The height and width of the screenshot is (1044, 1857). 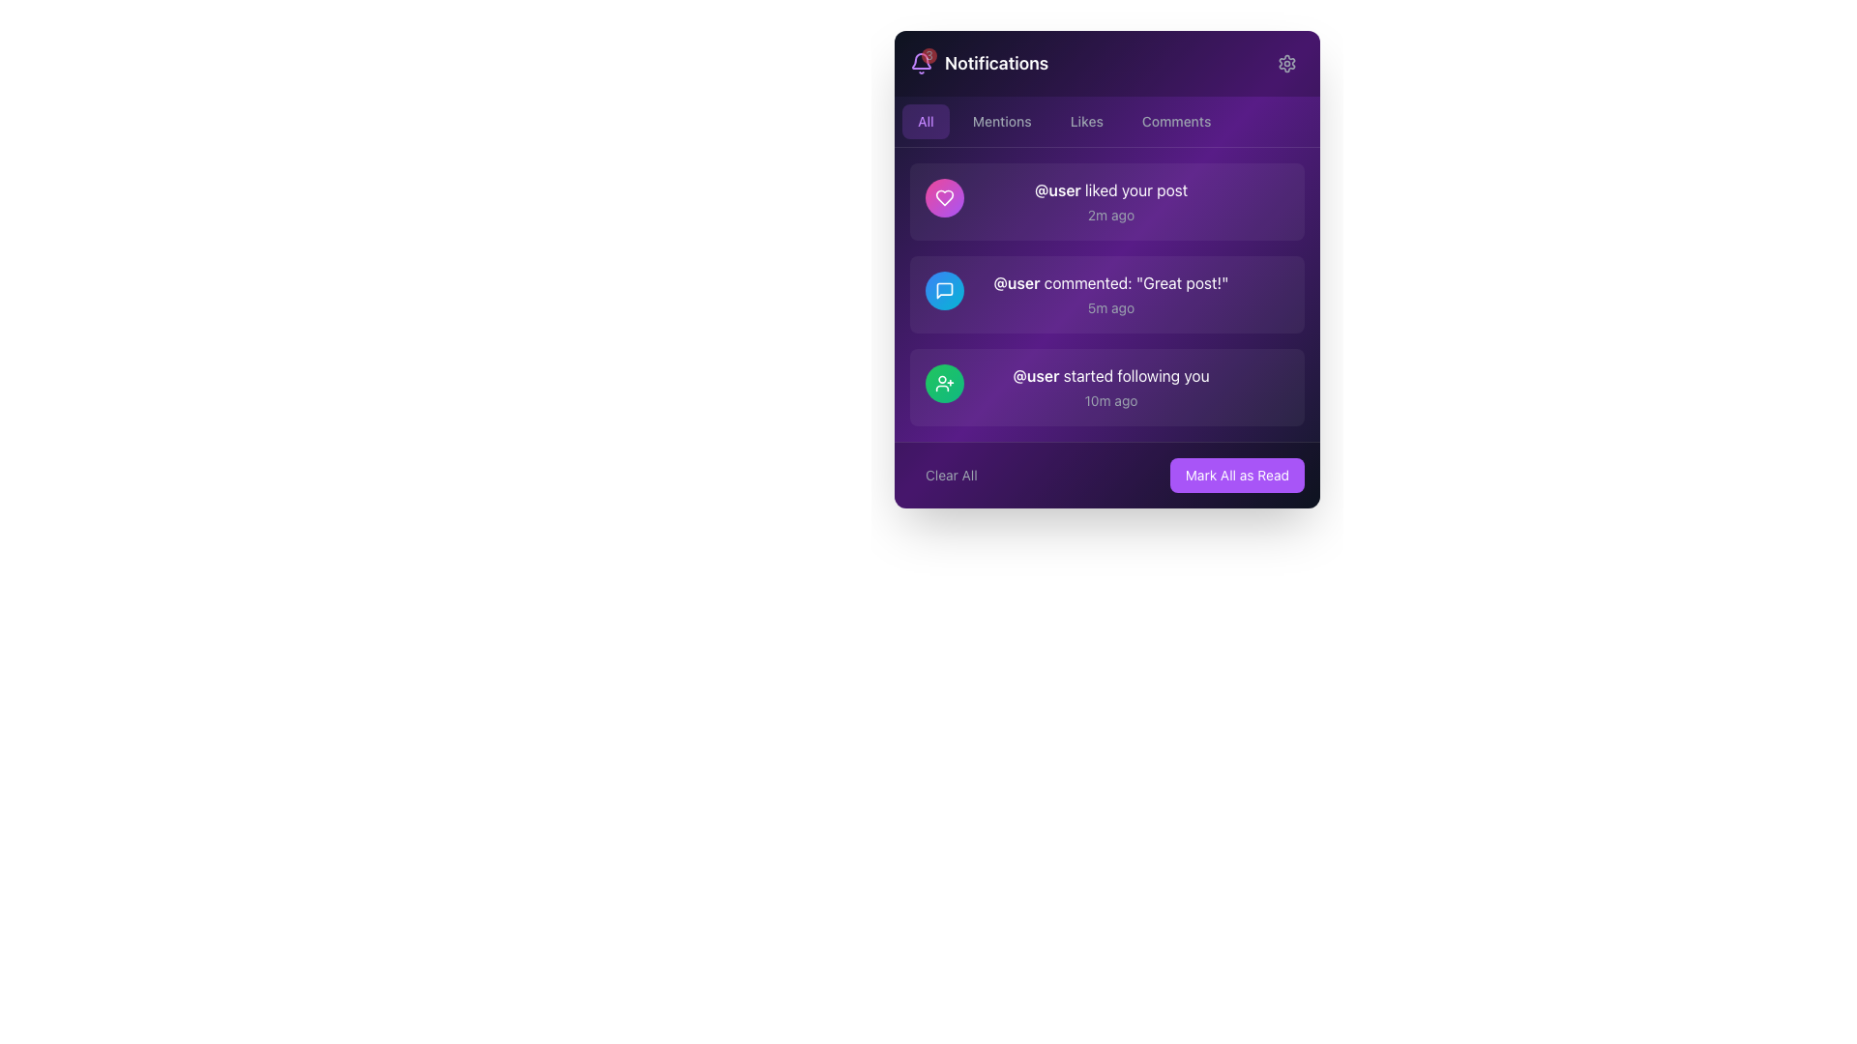 I want to click on the second notification display component that shows '@user commented: "Great post!"' with a timestamp '5m ago' on a purple background, so click(x=1110, y=294).